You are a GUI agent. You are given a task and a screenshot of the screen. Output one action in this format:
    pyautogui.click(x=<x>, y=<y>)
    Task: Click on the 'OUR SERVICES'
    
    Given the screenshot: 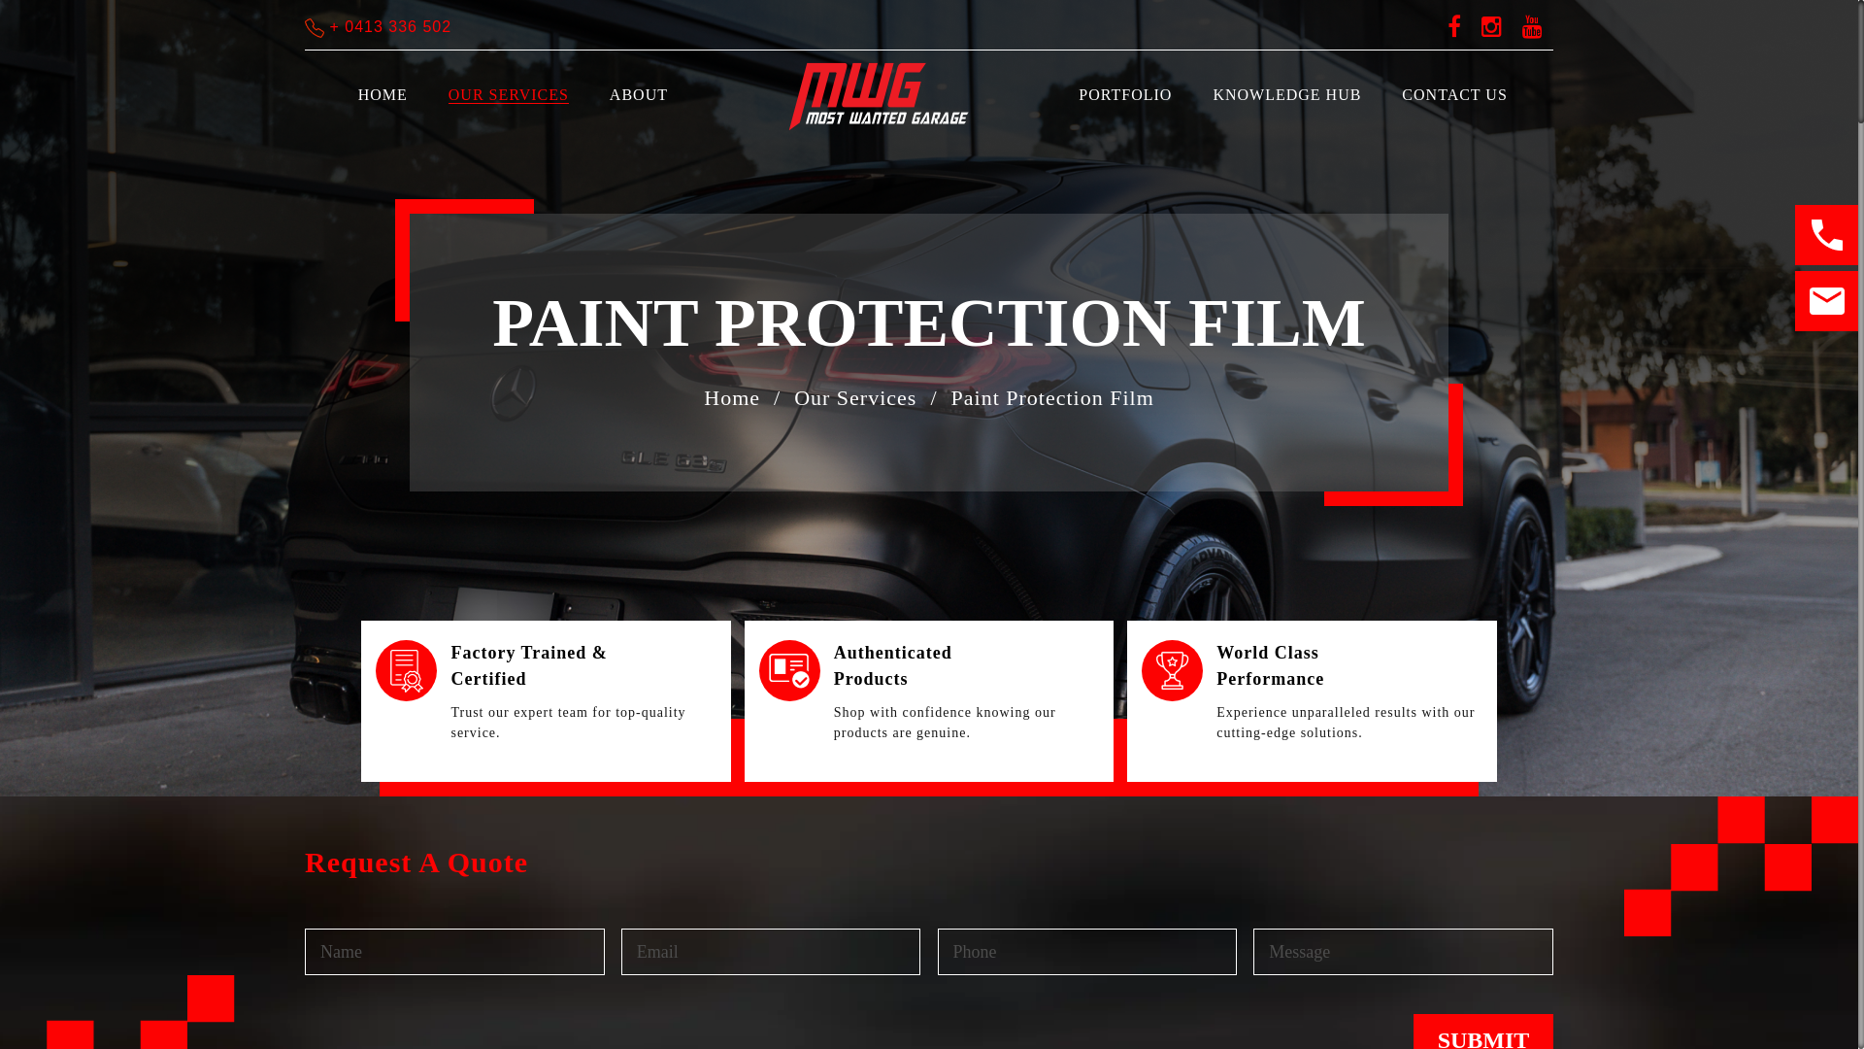 What is the action you would take?
    pyautogui.click(x=508, y=94)
    